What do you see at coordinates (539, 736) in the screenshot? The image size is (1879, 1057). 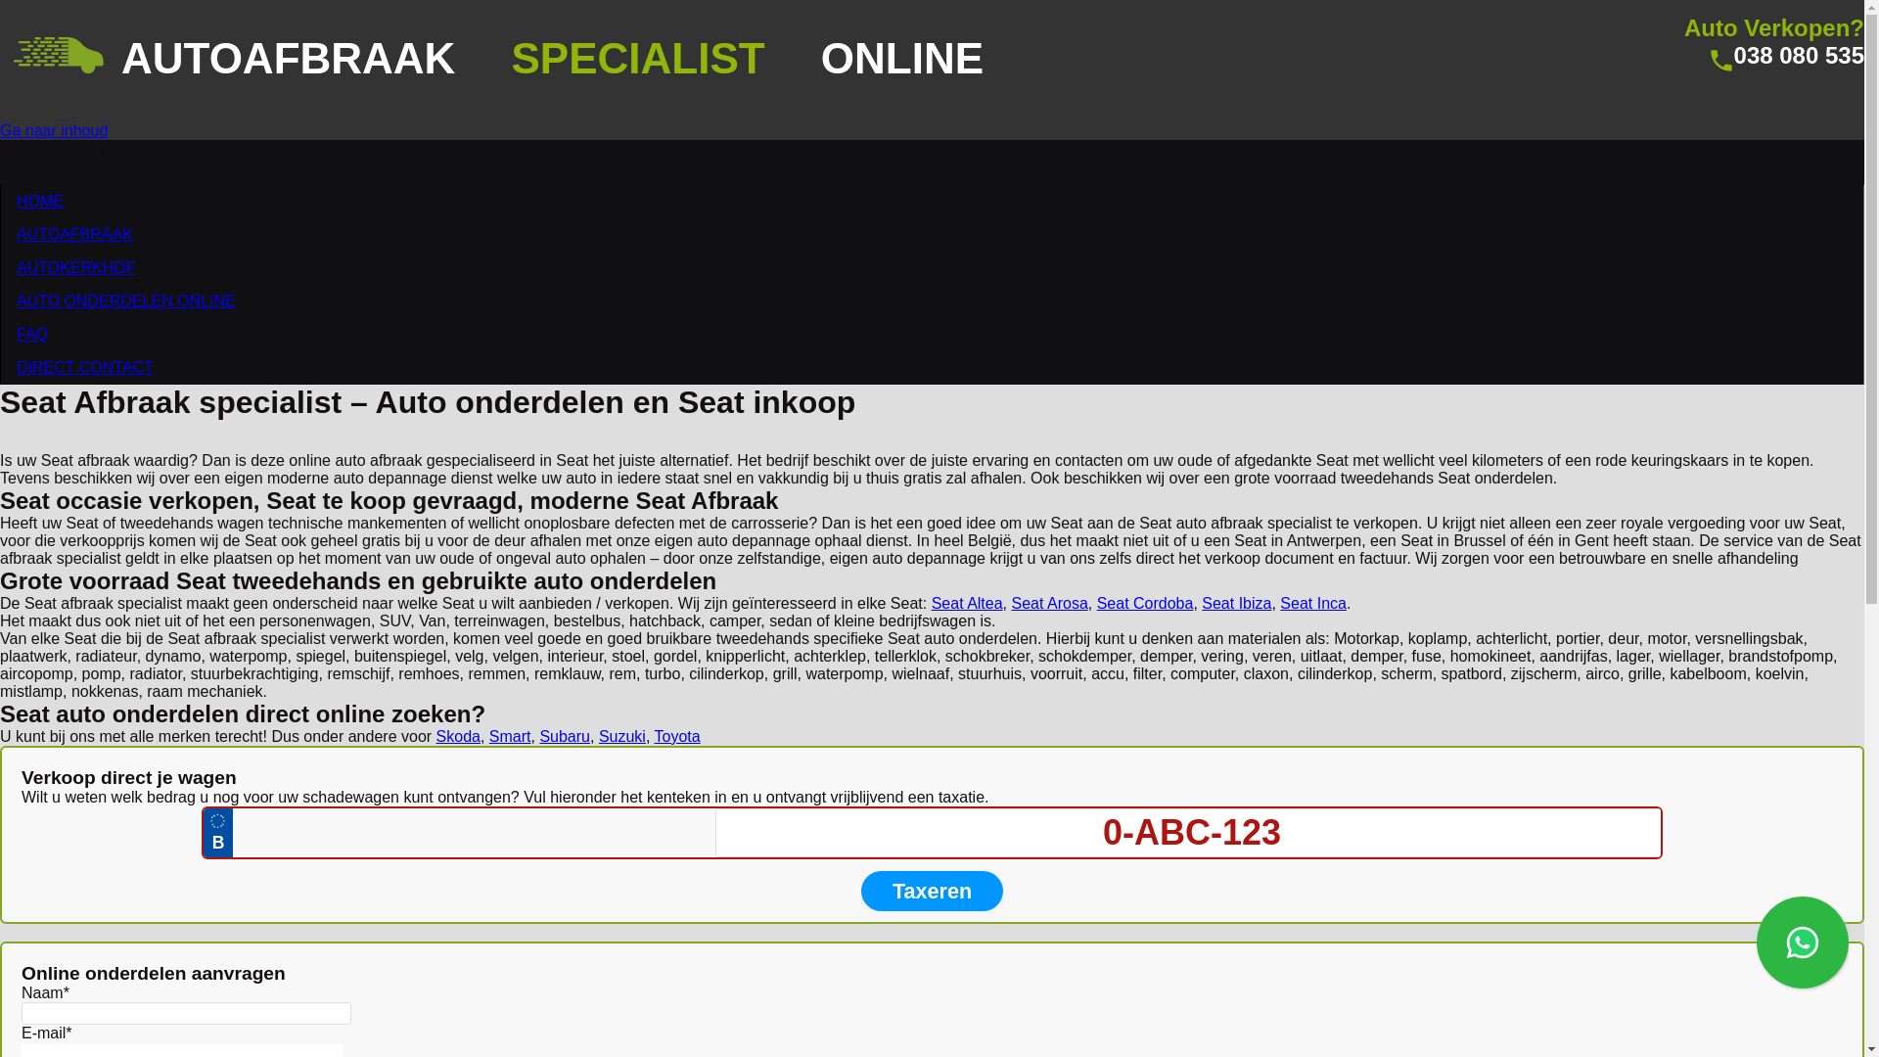 I see `'Subaru'` at bounding box center [539, 736].